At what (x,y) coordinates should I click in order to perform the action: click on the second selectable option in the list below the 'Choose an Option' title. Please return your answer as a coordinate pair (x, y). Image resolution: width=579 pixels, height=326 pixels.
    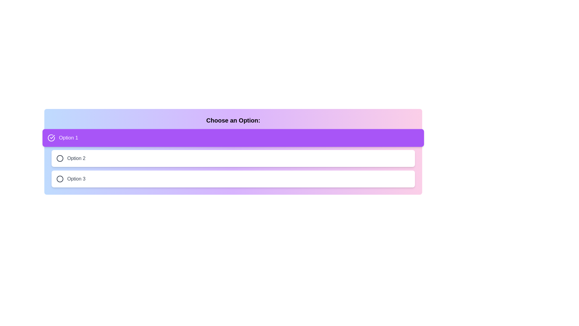
    Looking at the image, I should click on (233, 158).